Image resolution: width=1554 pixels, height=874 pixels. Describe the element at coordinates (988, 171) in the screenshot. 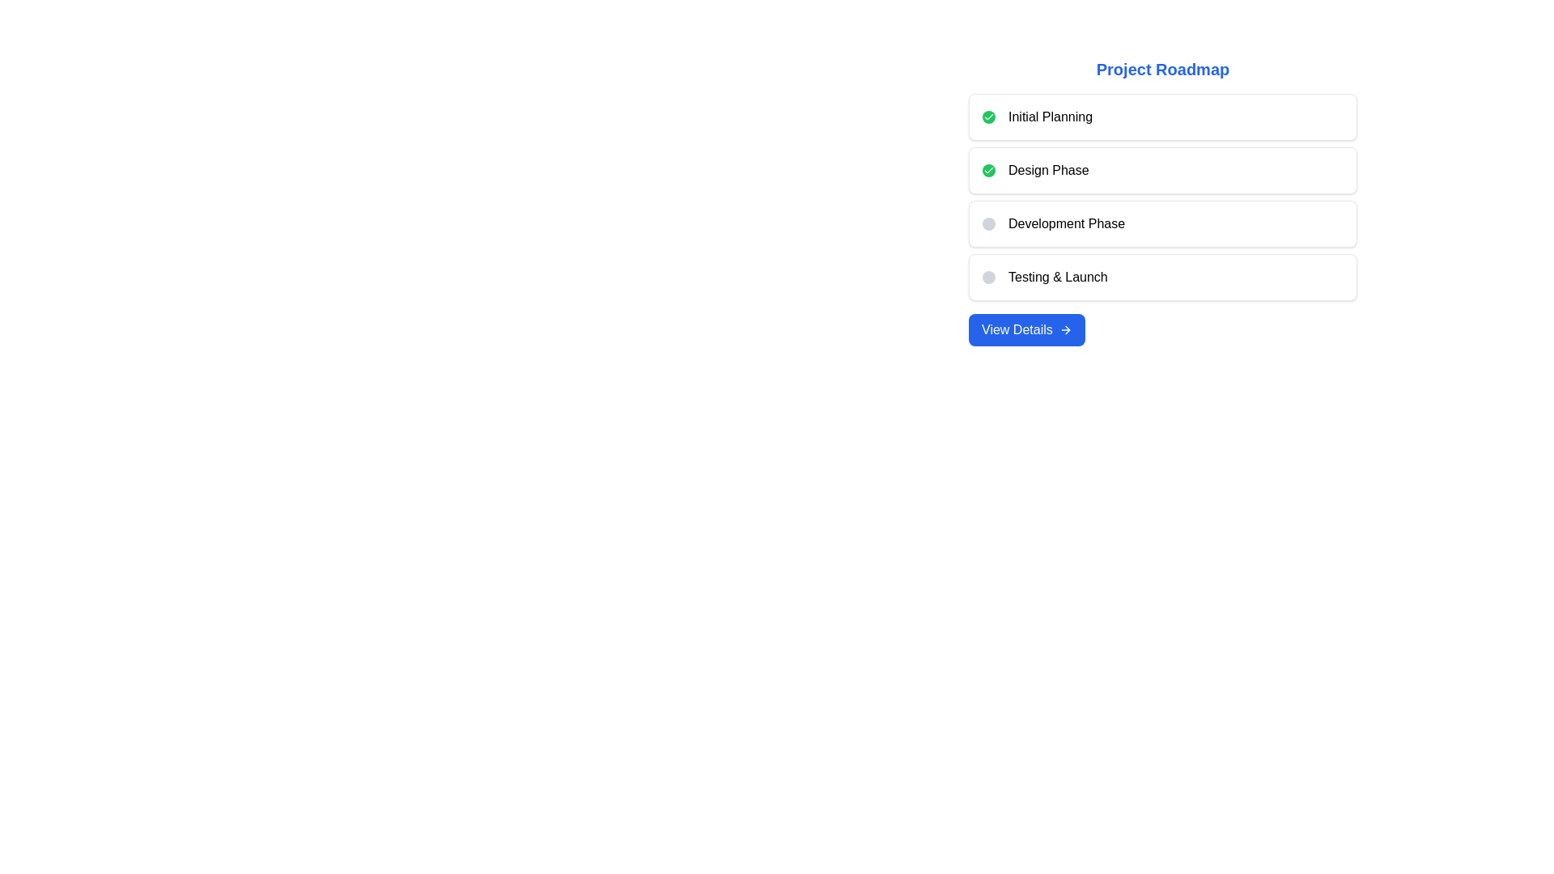

I see `the small checkmark icon with a green circular background, which is located to the left of the text 'Initial Planning' in the 'Project Roadmap' list` at that location.